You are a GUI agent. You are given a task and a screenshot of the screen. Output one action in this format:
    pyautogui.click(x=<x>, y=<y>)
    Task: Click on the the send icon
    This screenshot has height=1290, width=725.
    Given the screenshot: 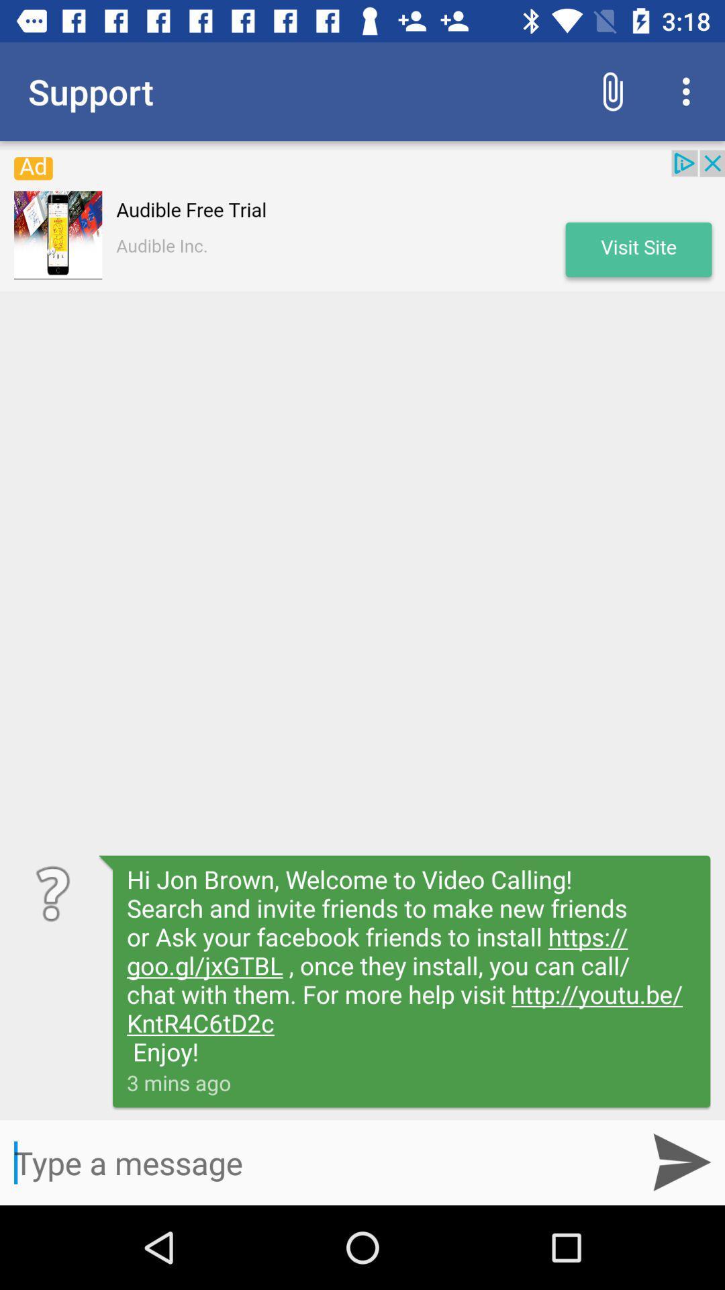 What is the action you would take?
    pyautogui.click(x=683, y=1162)
    